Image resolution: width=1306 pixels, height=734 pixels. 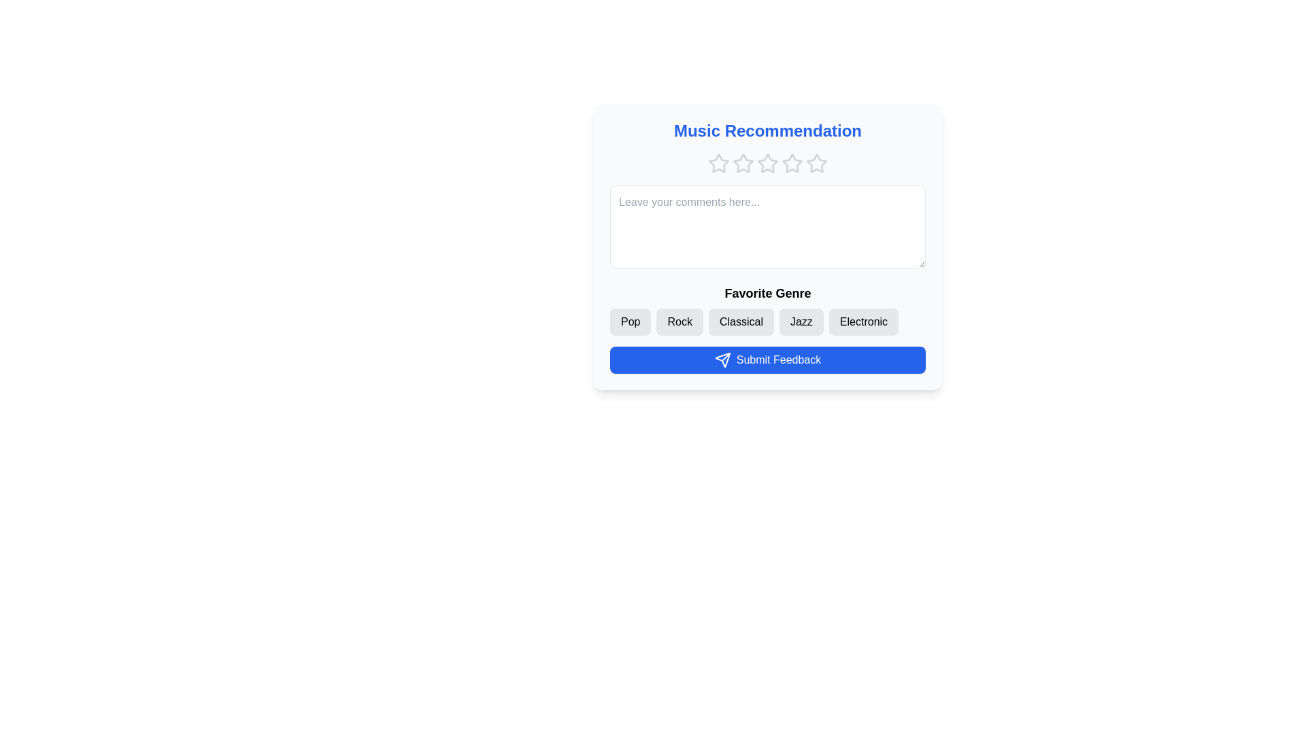 What do you see at coordinates (801, 322) in the screenshot?
I see `the 'Jazz' button, which is a light gray rectangular button with rounded corners and centered black text` at bounding box center [801, 322].